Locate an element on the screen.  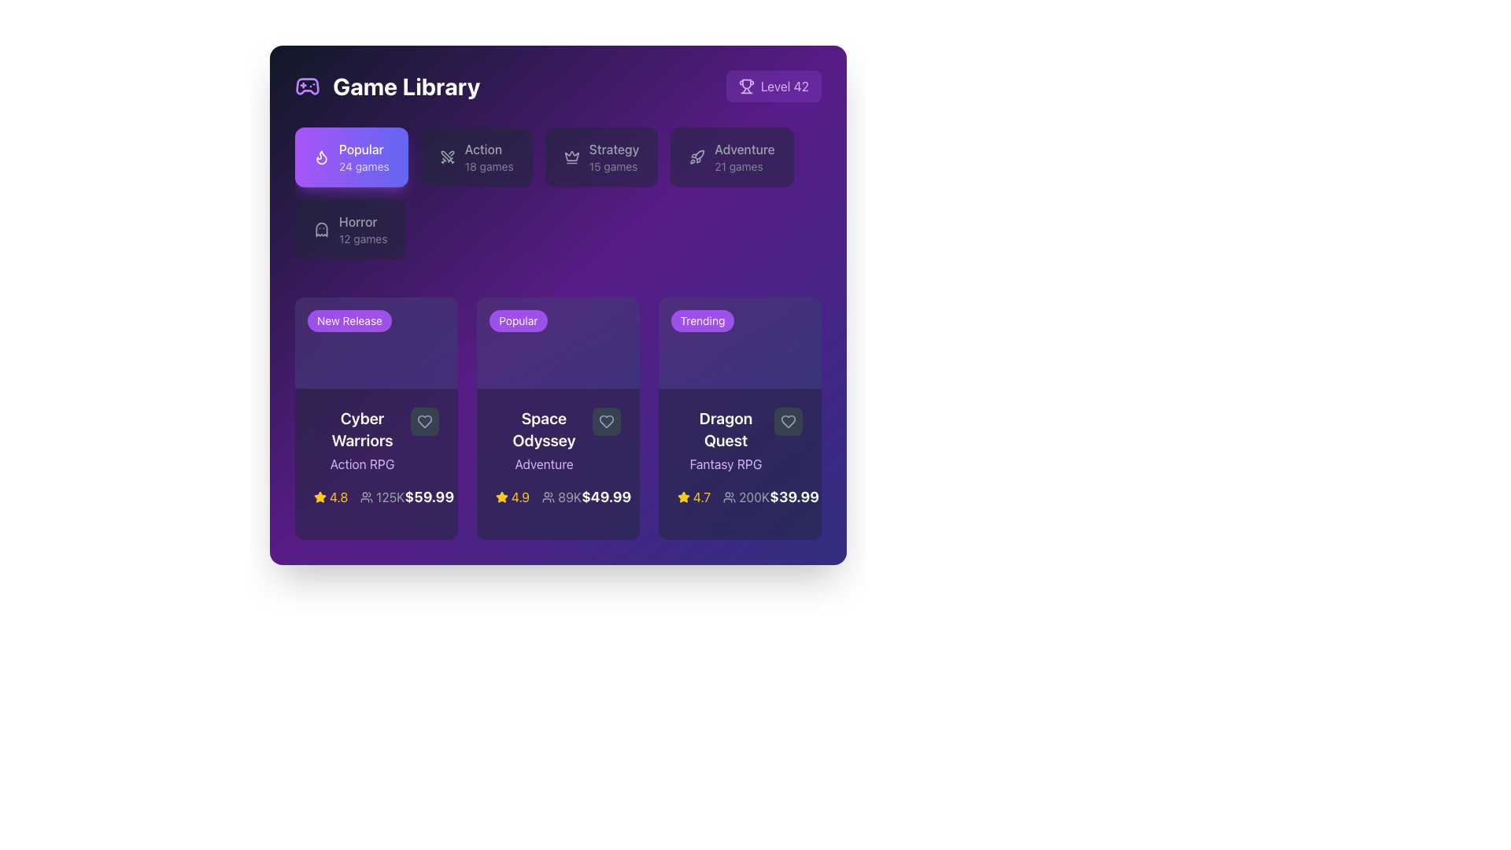
the text block displaying the price of the product in the middle game card for 'Space Odyssey', located at the lower center under user and rating details is located at coordinates (605, 497).